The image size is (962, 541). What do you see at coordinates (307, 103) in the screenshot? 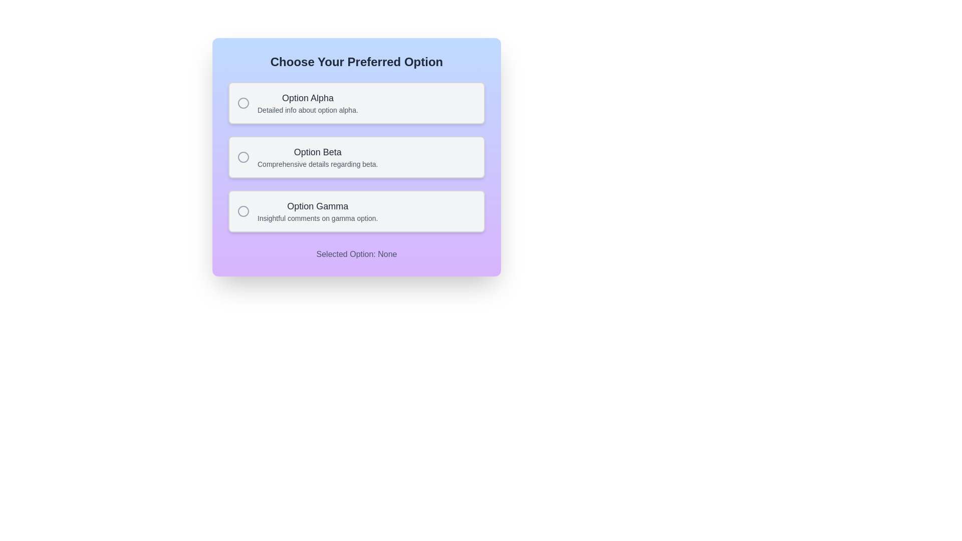
I see `information displayed in the Label containing 'Option Alpha' and its description in the topmost card of the vertical stack` at bounding box center [307, 103].